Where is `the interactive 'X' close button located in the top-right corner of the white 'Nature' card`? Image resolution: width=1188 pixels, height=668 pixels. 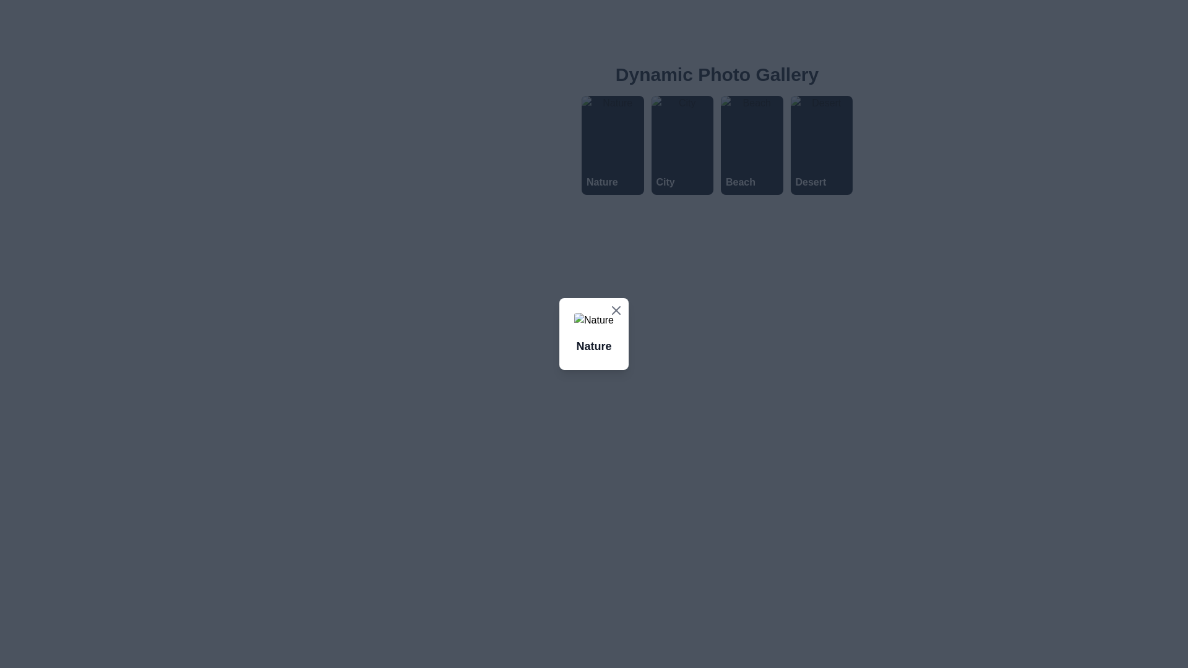
the interactive 'X' close button located in the top-right corner of the white 'Nature' card is located at coordinates (616, 309).